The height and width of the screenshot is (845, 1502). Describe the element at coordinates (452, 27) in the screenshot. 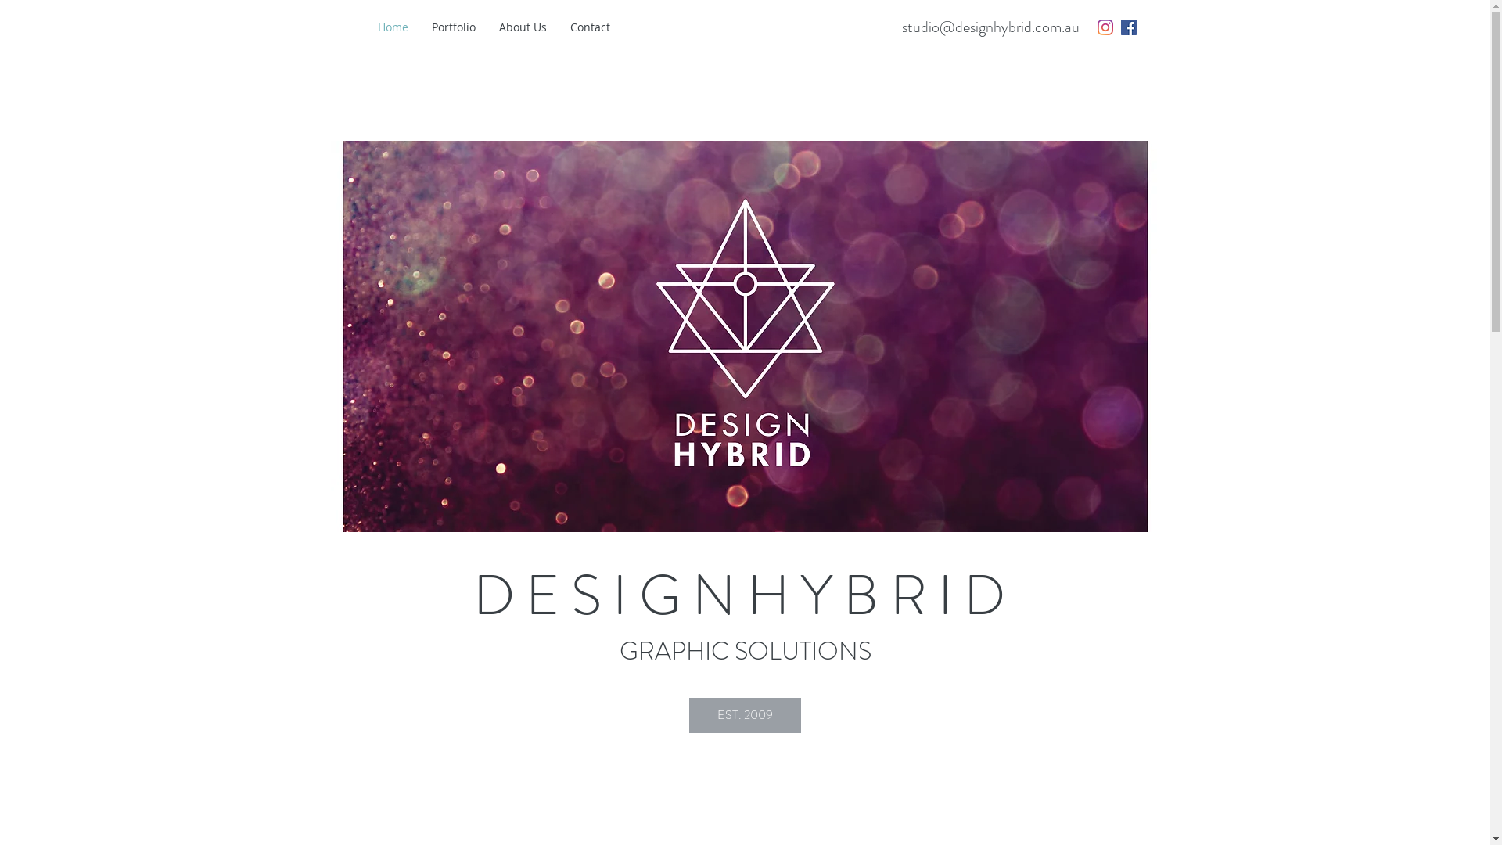

I see `'Portfolio'` at that location.